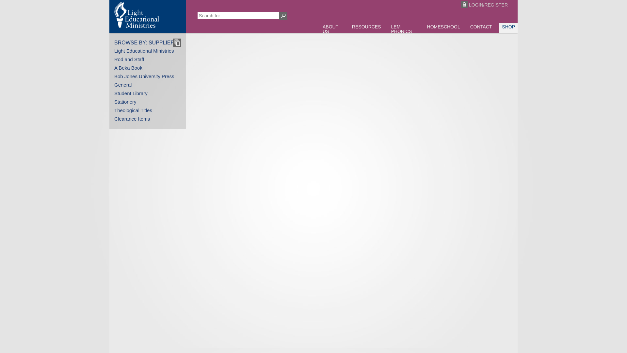 This screenshot has height=353, width=627. What do you see at coordinates (389, 30) in the screenshot?
I see `'LEM PHONICS'` at bounding box center [389, 30].